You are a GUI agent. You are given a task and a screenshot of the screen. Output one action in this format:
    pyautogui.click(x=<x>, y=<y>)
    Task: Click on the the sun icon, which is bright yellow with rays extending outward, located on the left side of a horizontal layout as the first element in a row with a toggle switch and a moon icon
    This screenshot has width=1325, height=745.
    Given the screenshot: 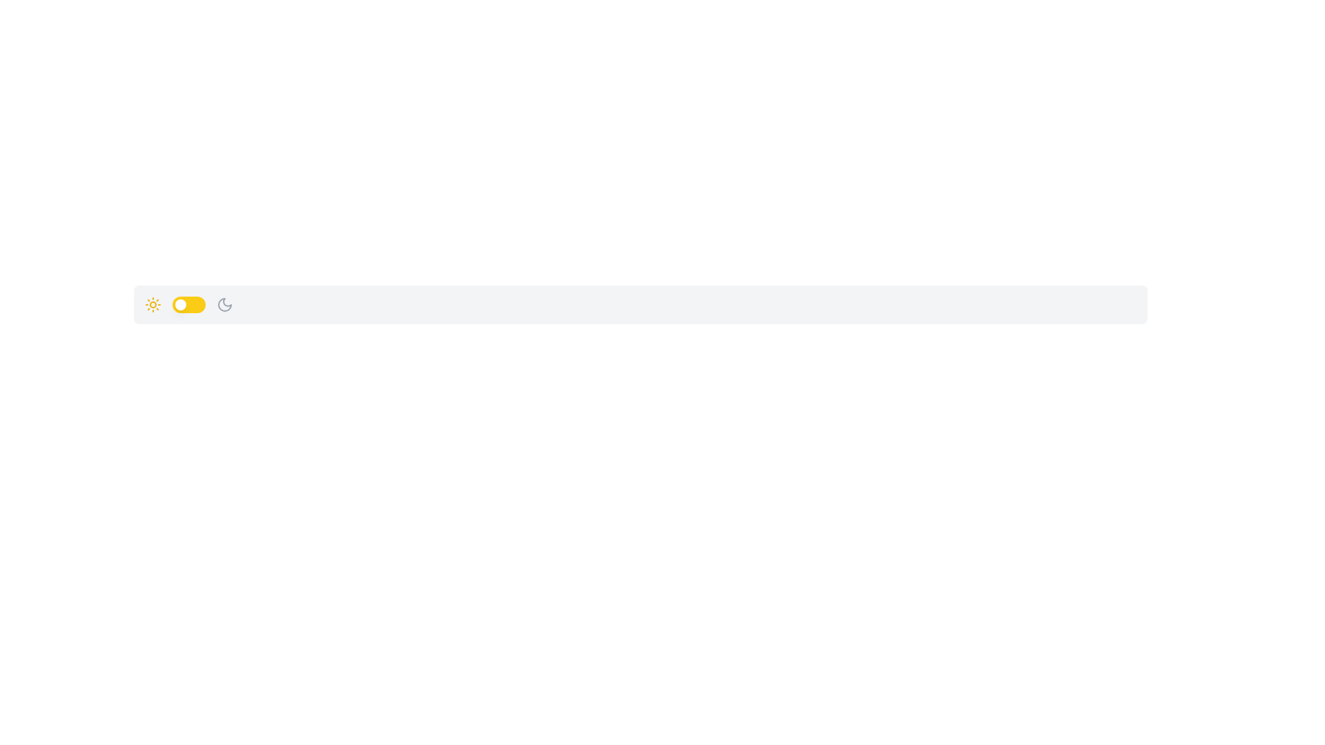 What is the action you would take?
    pyautogui.click(x=153, y=304)
    